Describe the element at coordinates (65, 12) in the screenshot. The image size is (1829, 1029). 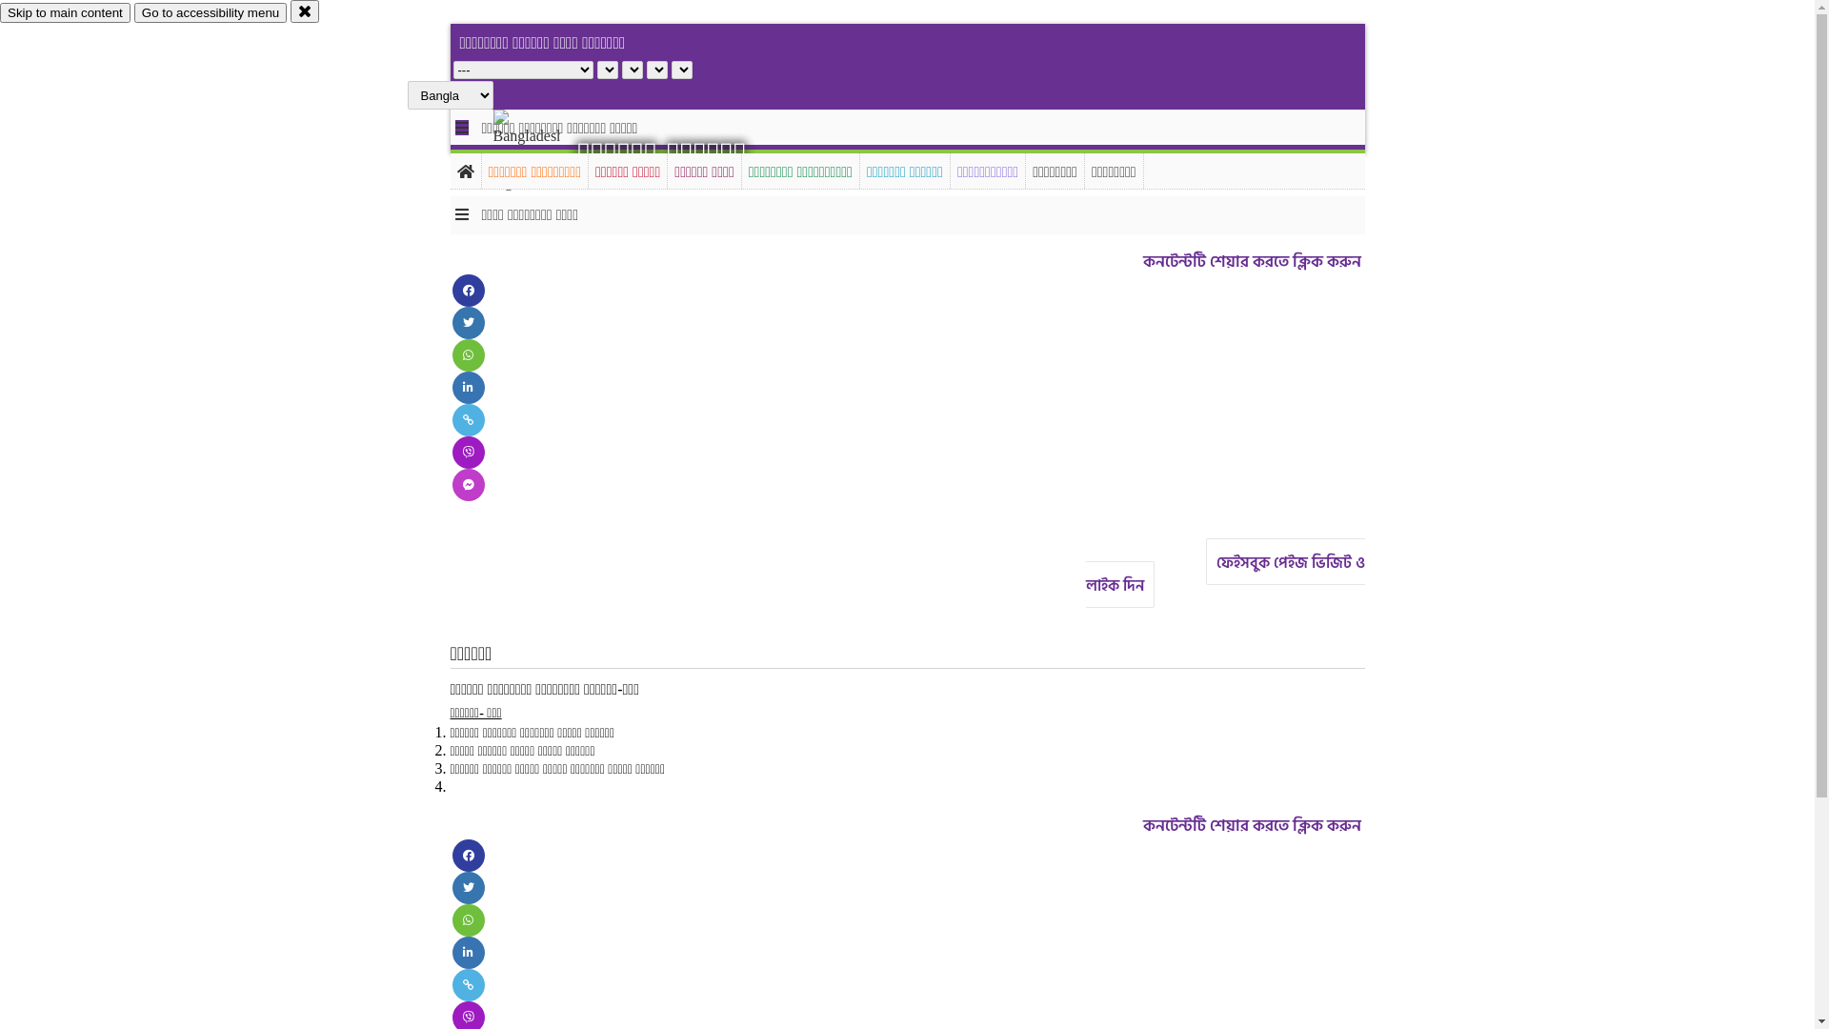
I see `'Skip to main content'` at that location.